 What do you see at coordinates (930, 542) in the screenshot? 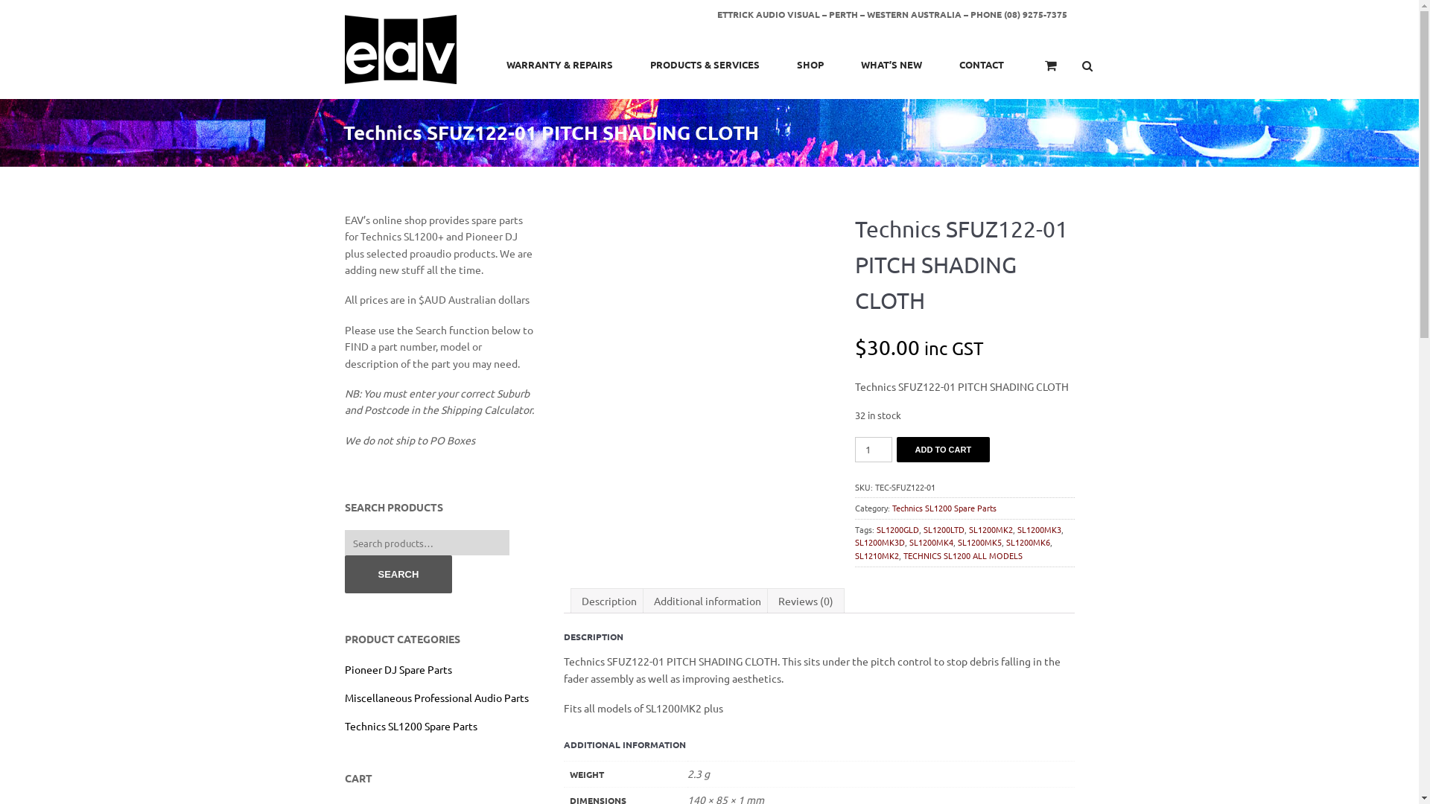
I see `'SL1200MK4'` at bounding box center [930, 542].